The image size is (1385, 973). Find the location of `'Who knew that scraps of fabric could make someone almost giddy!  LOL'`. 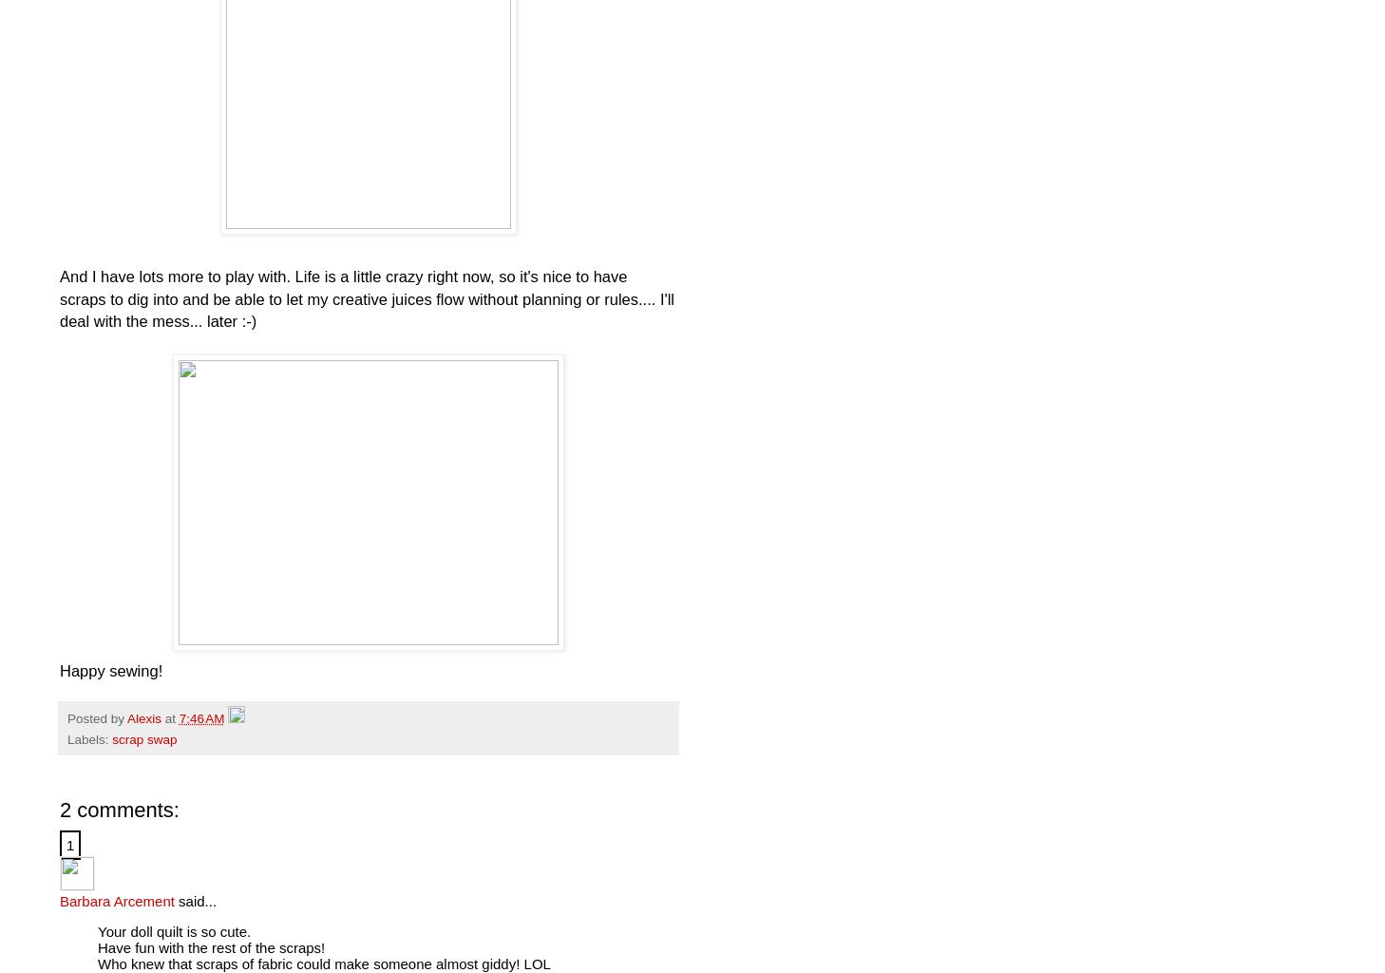

'Who knew that scraps of fabric could make someone almost giddy!  LOL' is located at coordinates (323, 963).